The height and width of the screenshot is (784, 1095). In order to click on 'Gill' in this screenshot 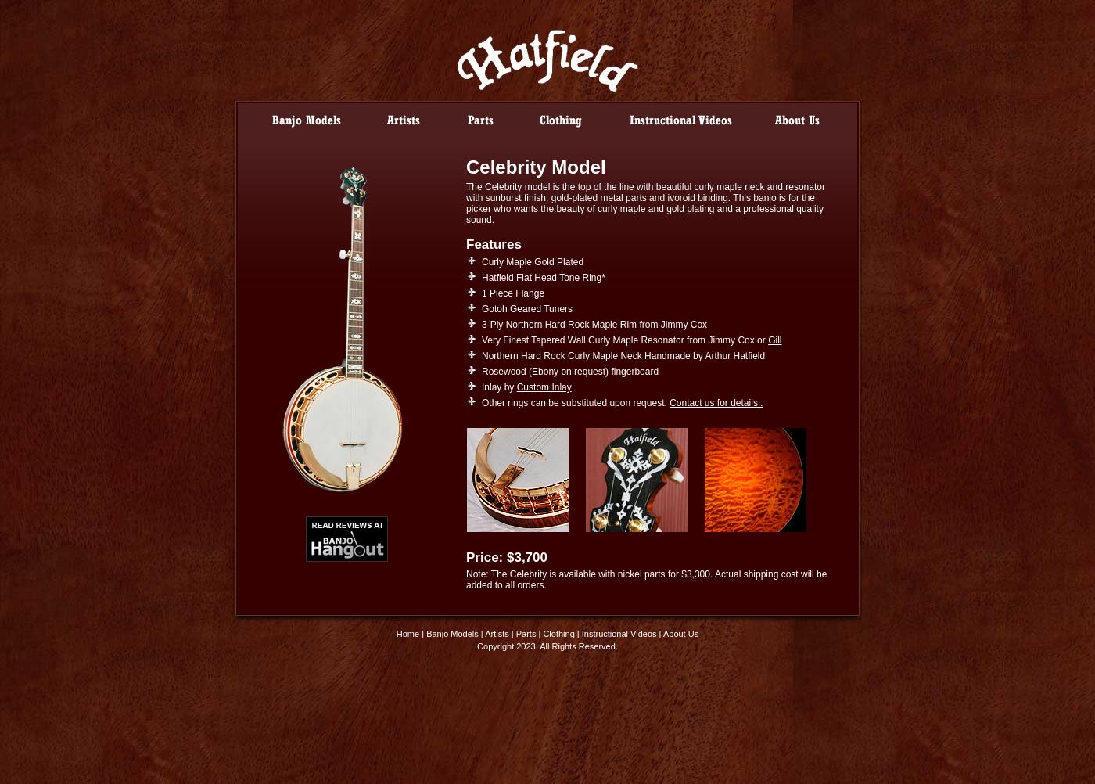, I will do `click(774, 339)`.